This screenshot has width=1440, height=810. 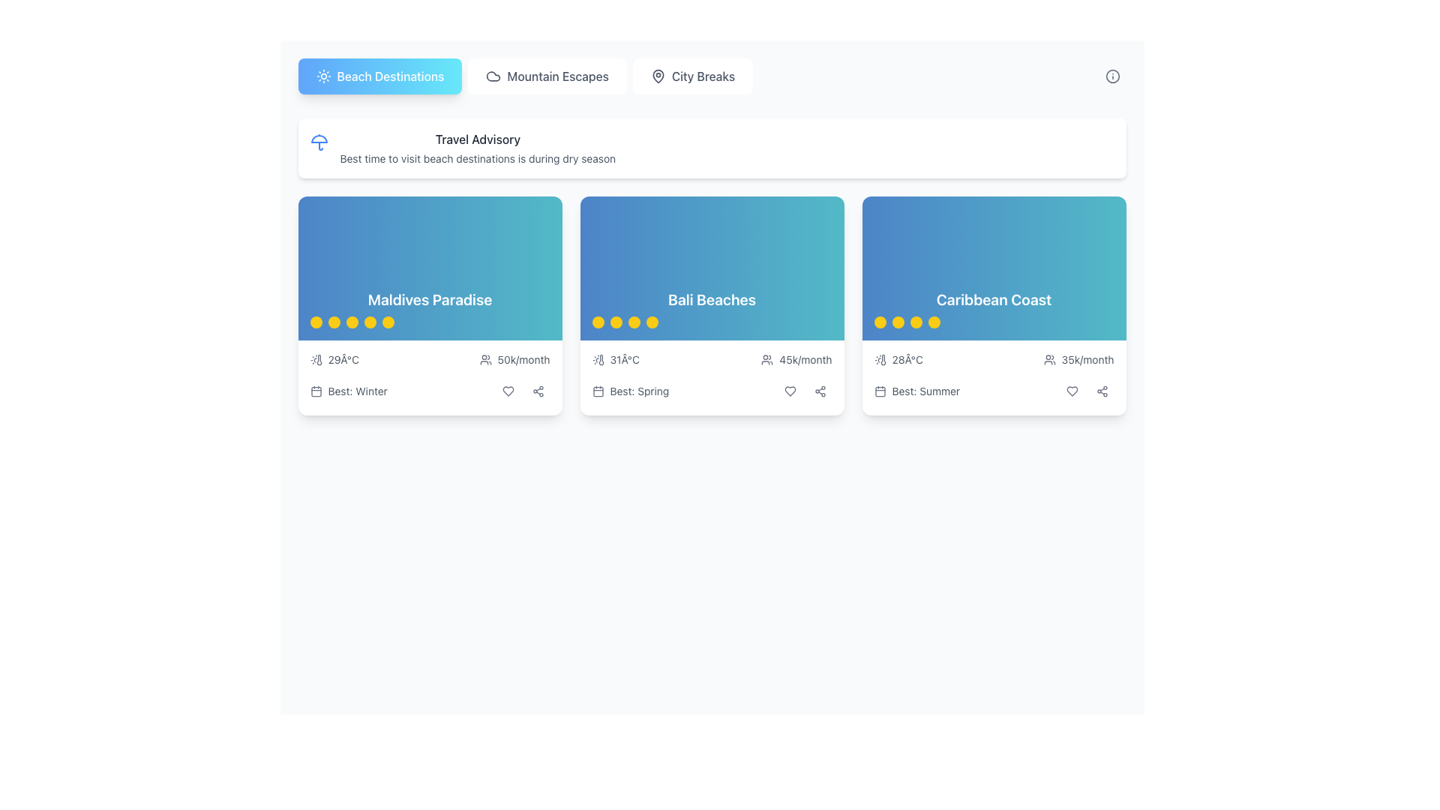 I want to click on the label with an icon of users and the text '35k/month' located in the bottom-right section of the 'Caribbean Coast' card, which is styled in a moderately small gray font, so click(x=1078, y=359).